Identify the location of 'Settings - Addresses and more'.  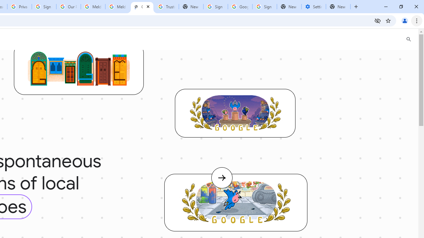
(313, 7).